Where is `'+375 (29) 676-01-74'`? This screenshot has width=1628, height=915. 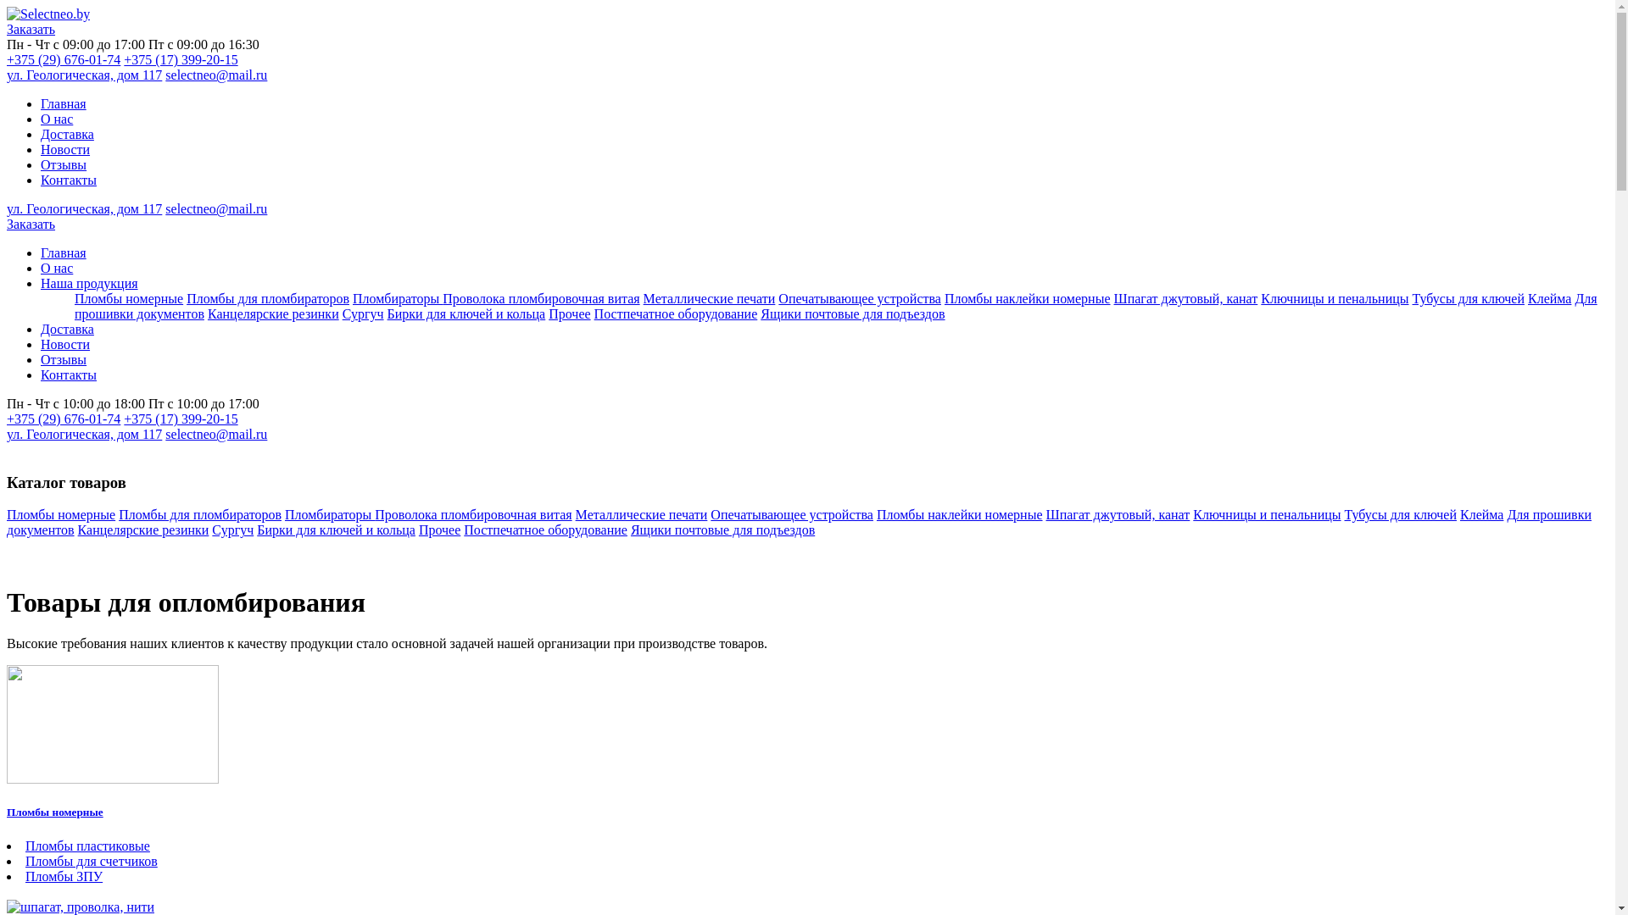 '+375 (29) 676-01-74' is located at coordinates (64, 419).